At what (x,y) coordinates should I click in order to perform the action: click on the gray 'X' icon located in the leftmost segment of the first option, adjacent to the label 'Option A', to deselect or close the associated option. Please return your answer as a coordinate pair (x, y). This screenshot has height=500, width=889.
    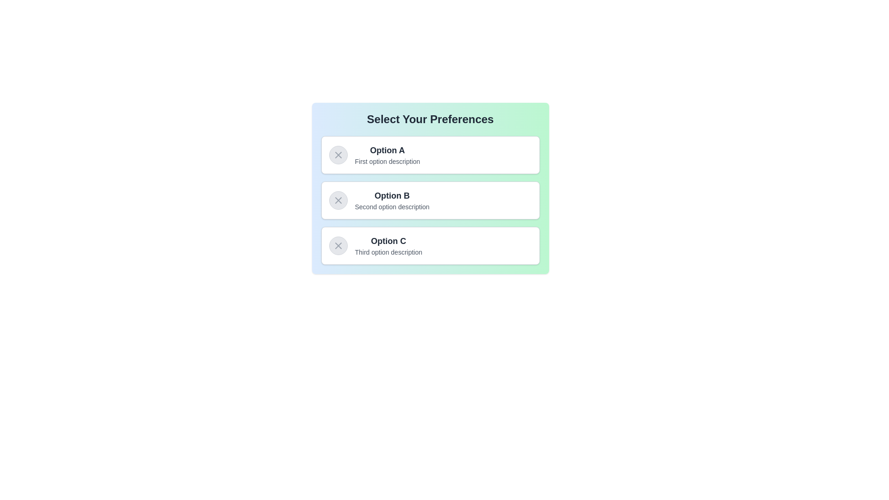
    Looking at the image, I should click on (338, 155).